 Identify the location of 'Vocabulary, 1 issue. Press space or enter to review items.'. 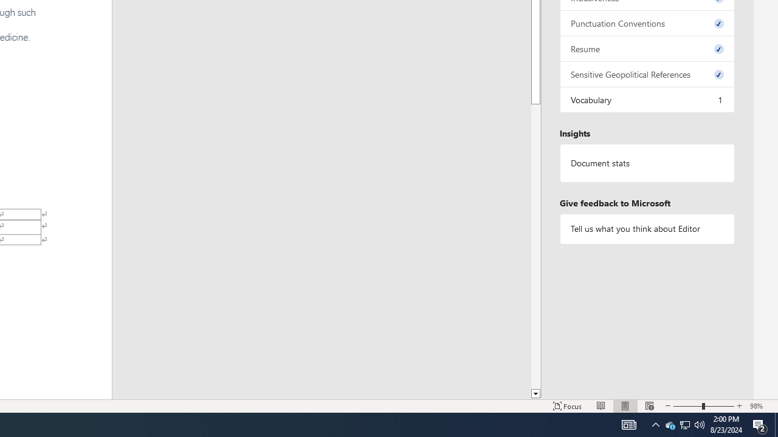
(646, 99).